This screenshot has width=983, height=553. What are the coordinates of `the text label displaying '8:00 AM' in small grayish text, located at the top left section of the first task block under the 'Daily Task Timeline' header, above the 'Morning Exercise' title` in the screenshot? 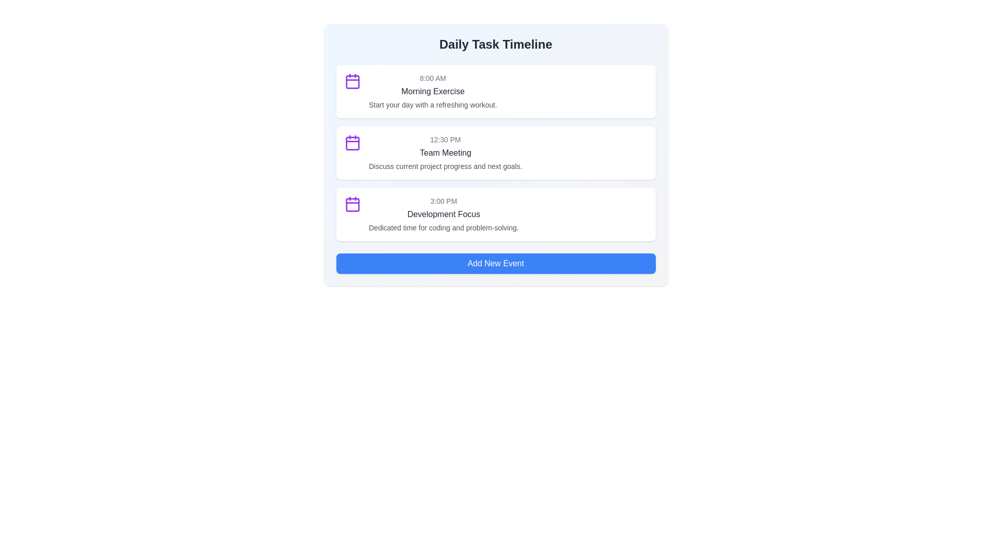 It's located at (433, 78).